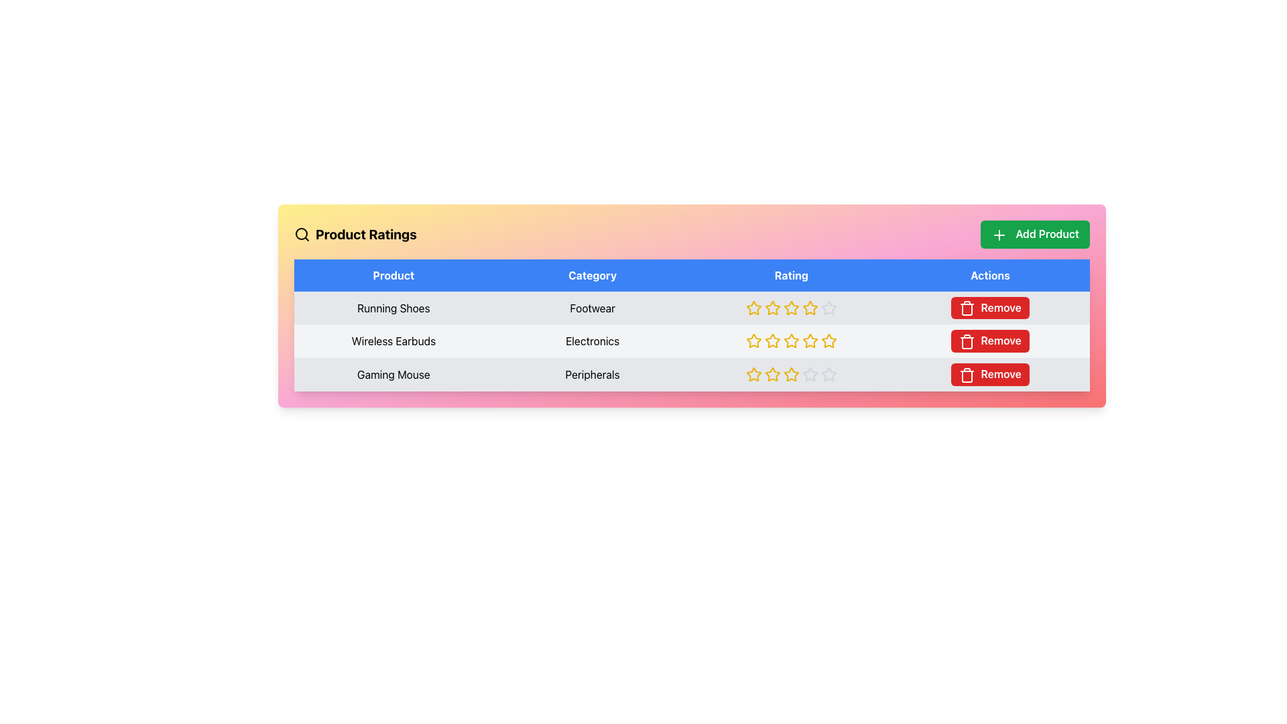  What do you see at coordinates (990, 308) in the screenshot?
I see `the red 'Remove' button with rounded corners that has white text and a trash can icon, located in the 'Actions' column for 'Wireless Earbuds'` at bounding box center [990, 308].